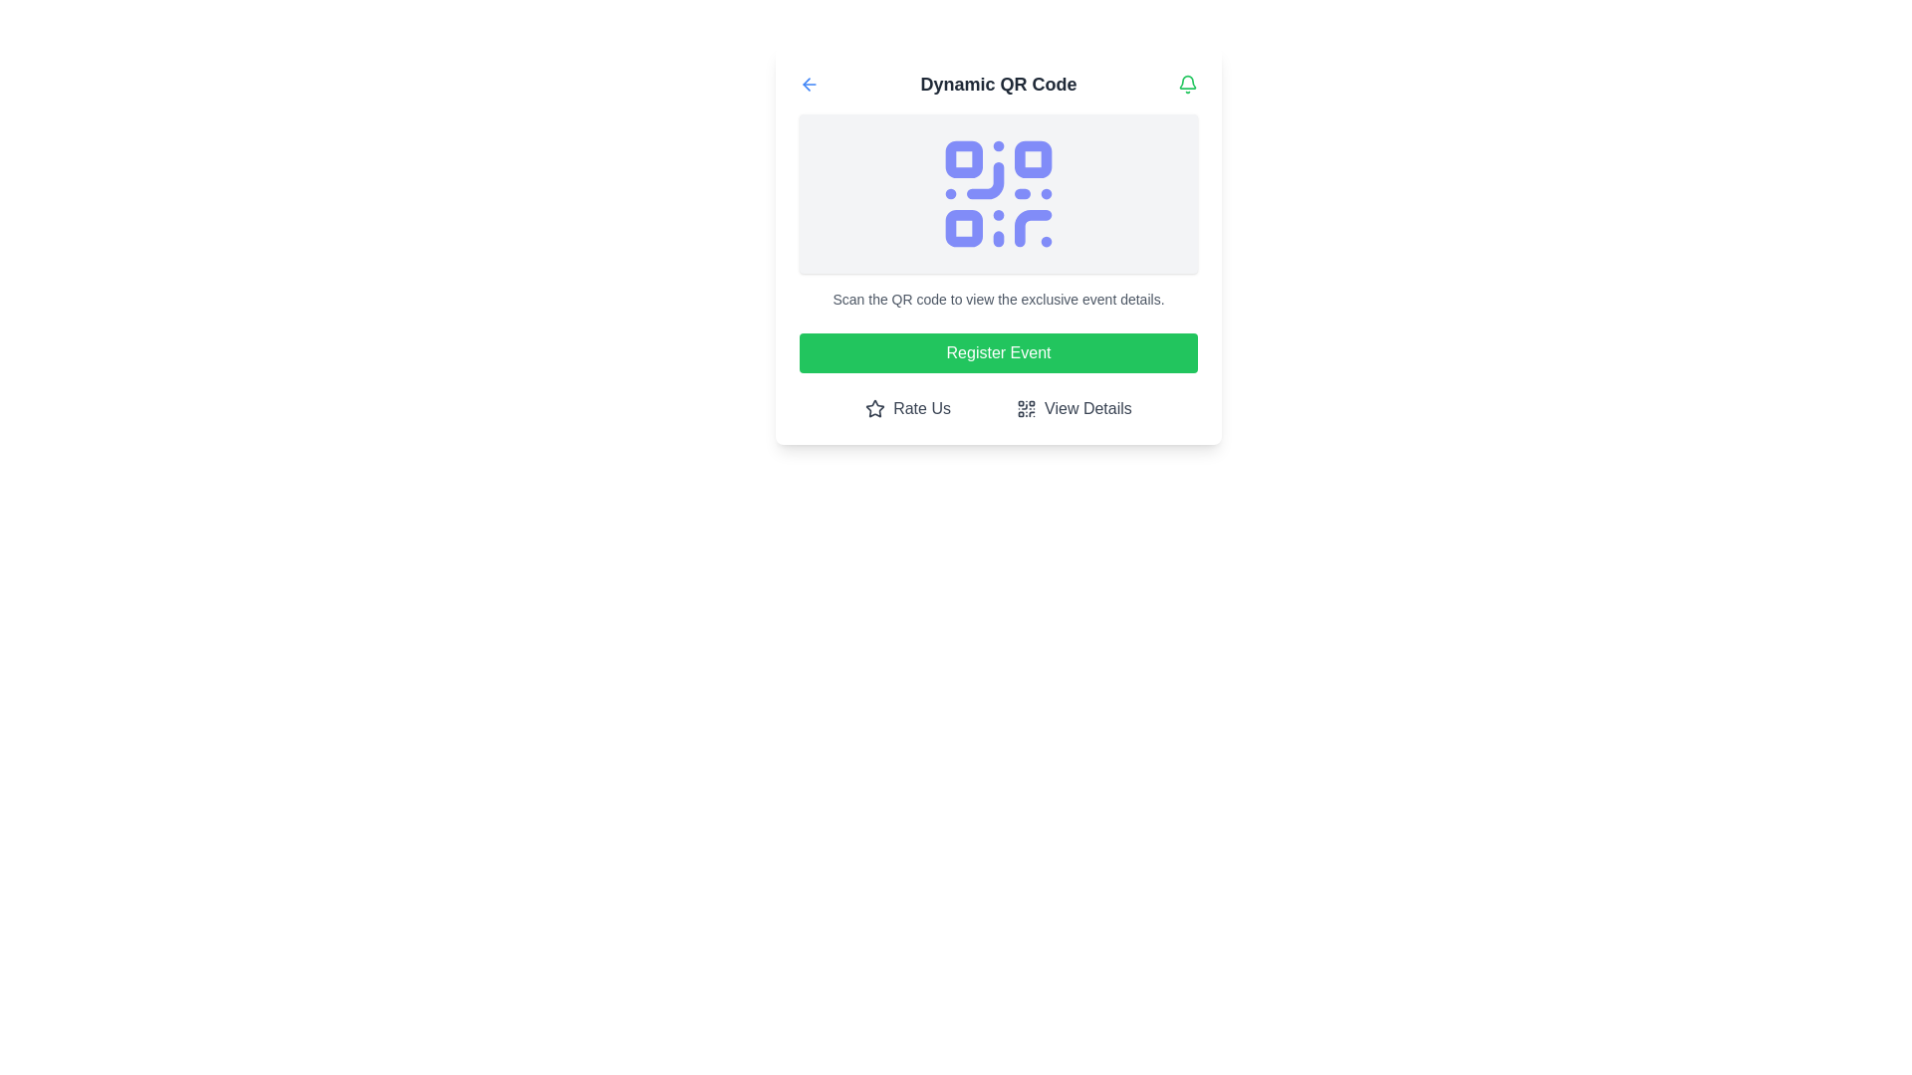  Describe the element at coordinates (999, 299) in the screenshot. I see `the Text label that provides information about scanning the QR code, located directly below the QR code image and above the 'Register Event' button` at that location.